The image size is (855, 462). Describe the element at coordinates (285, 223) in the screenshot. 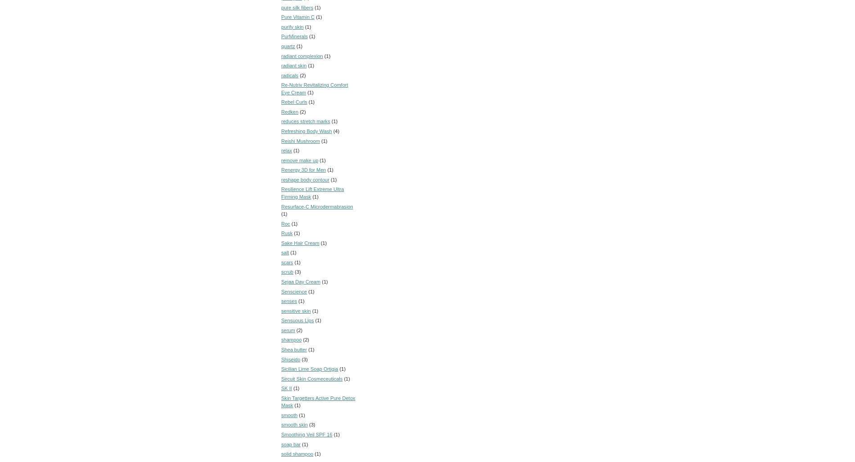

I see `'Roc'` at that location.